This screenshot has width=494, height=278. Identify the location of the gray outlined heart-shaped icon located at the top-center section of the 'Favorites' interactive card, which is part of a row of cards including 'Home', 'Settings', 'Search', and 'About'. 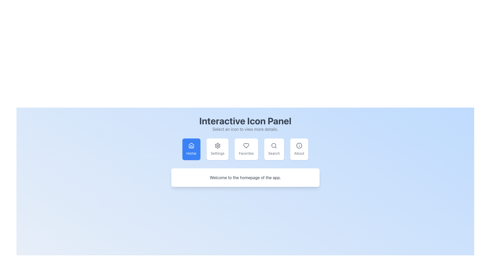
(246, 146).